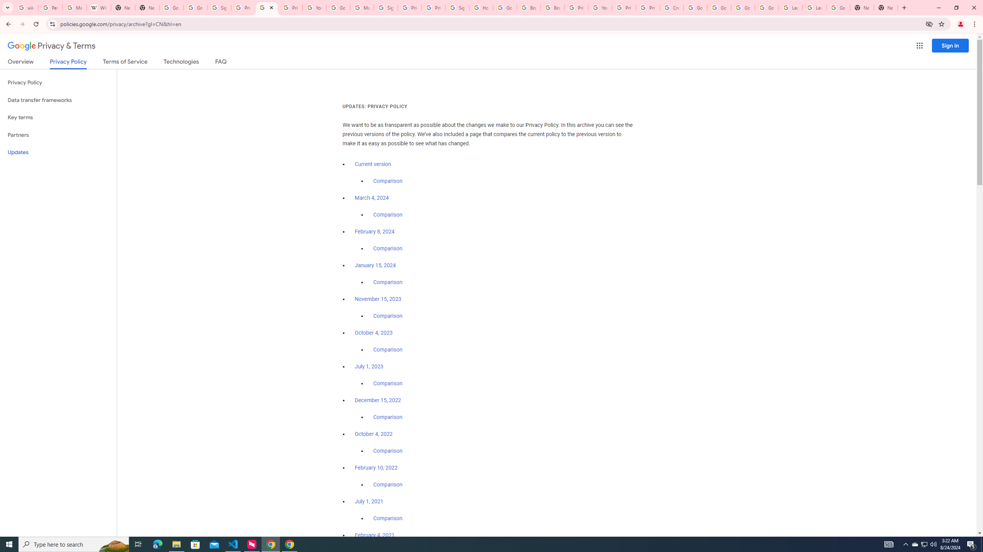  What do you see at coordinates (50, 7) in the screenshot?
I see `'Personalization & Google Search results - Google Search Help'` at bounding box center [50, 7].